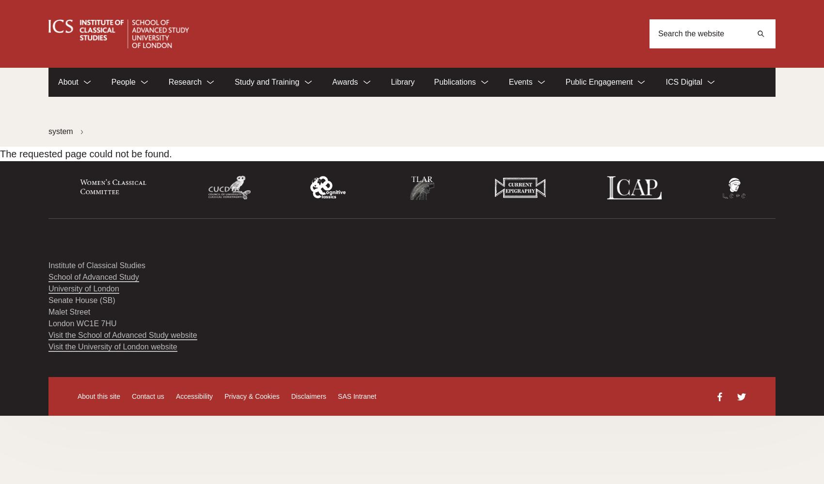  What do you see at coordinates (48, 311) in the screenshot?
I see `'Malet Street'` at bounding box center [48, 311].